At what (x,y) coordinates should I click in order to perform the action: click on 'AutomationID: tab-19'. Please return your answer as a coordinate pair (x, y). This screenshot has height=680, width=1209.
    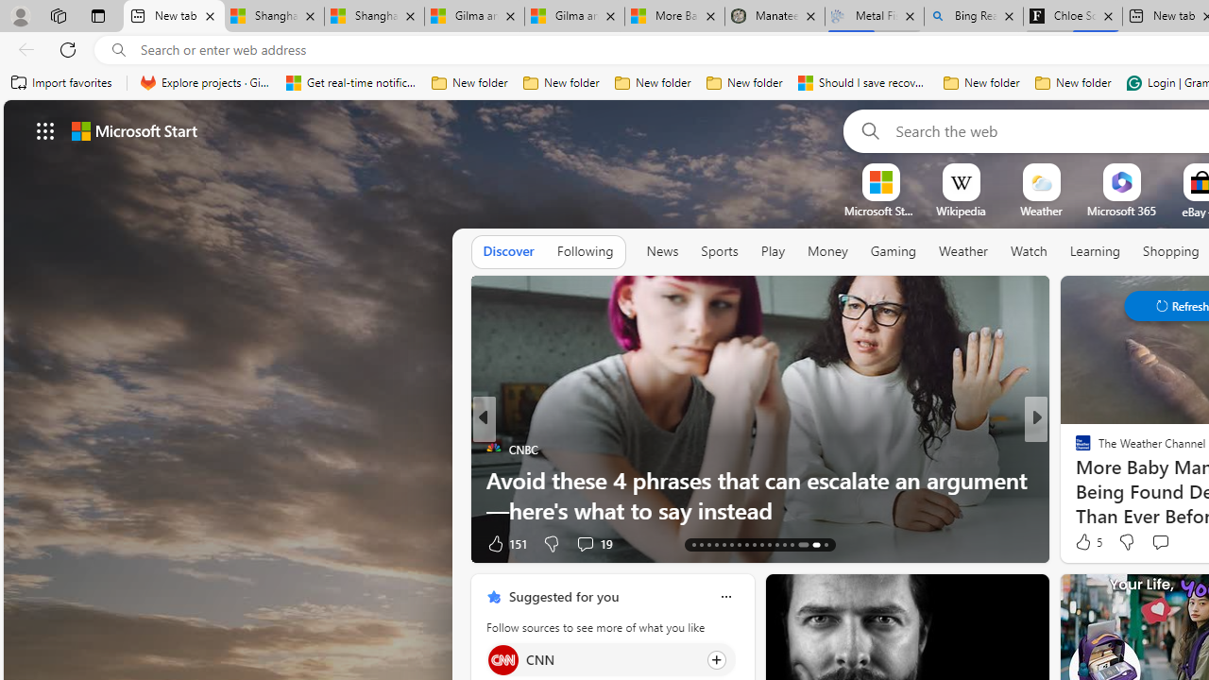
    Looking at the image, I should click on (738, 545).